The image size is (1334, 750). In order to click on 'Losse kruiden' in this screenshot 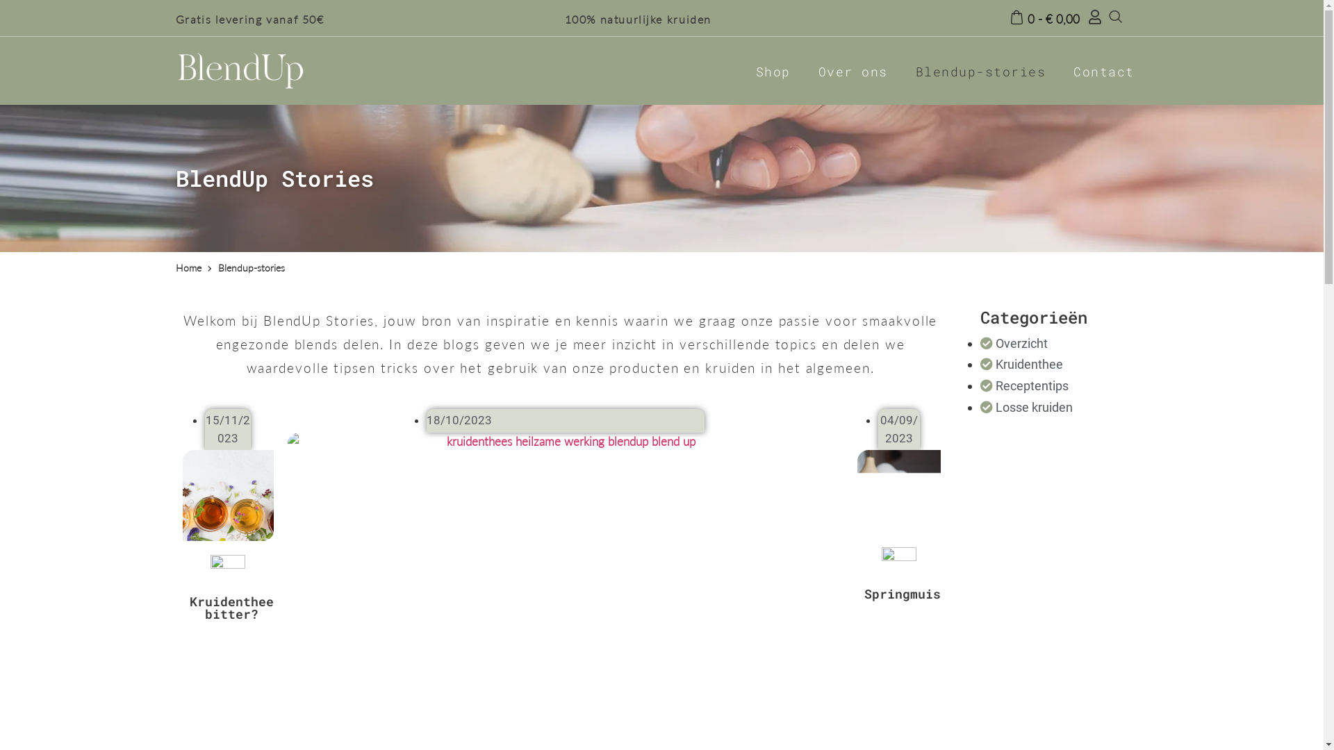, I will do `click(1026, 406)`.